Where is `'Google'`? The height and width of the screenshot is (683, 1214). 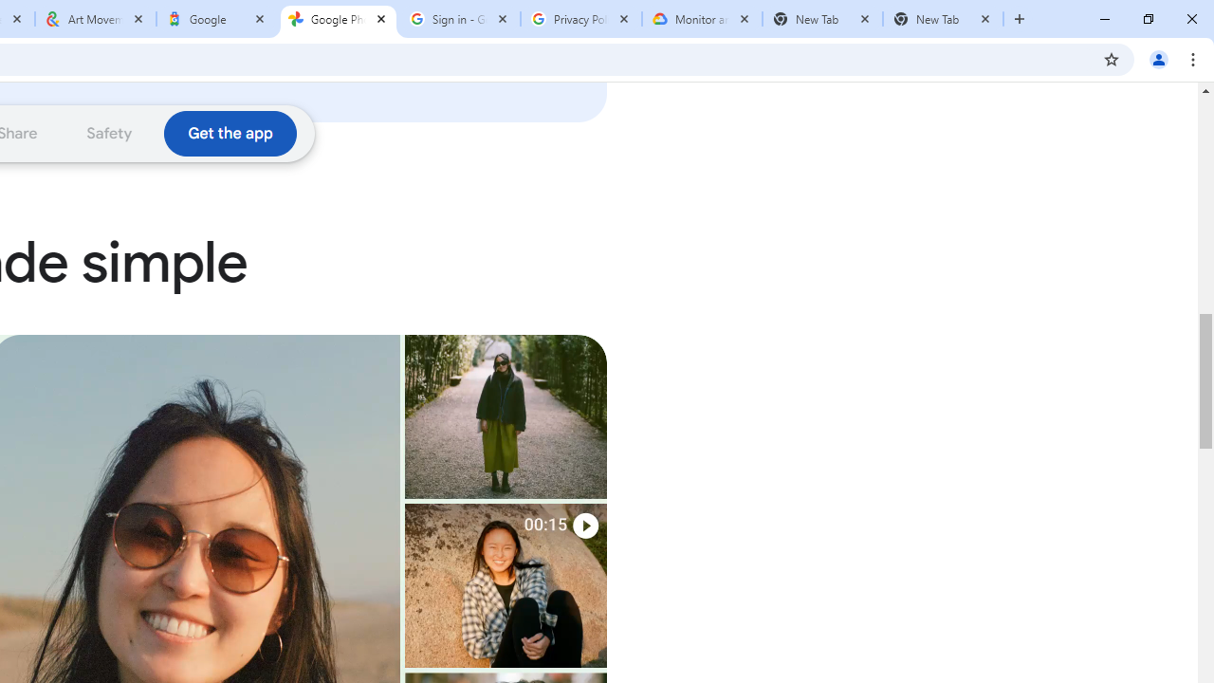
'Google' is located at coordinates (217, 19).